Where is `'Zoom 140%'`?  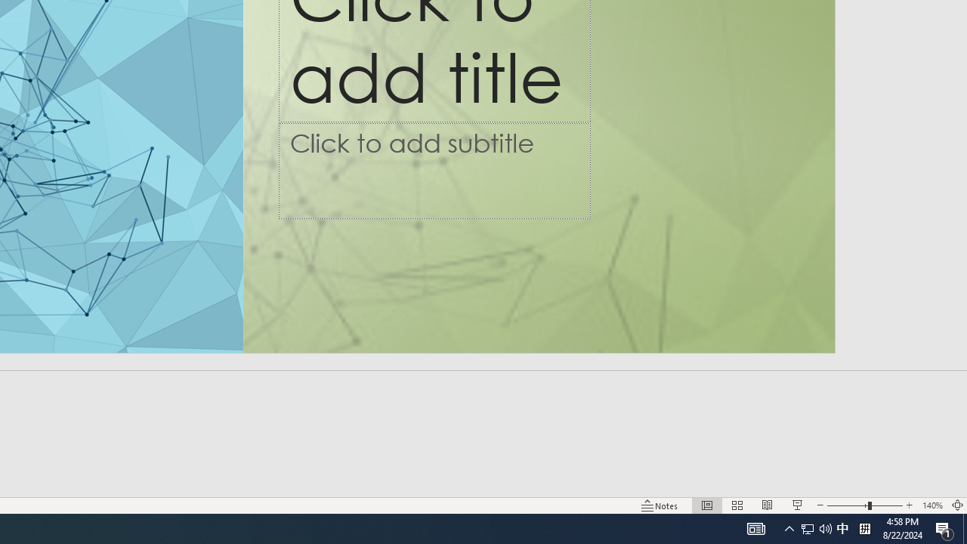
'Zoom 140%' is located at coordinates (931, 505).